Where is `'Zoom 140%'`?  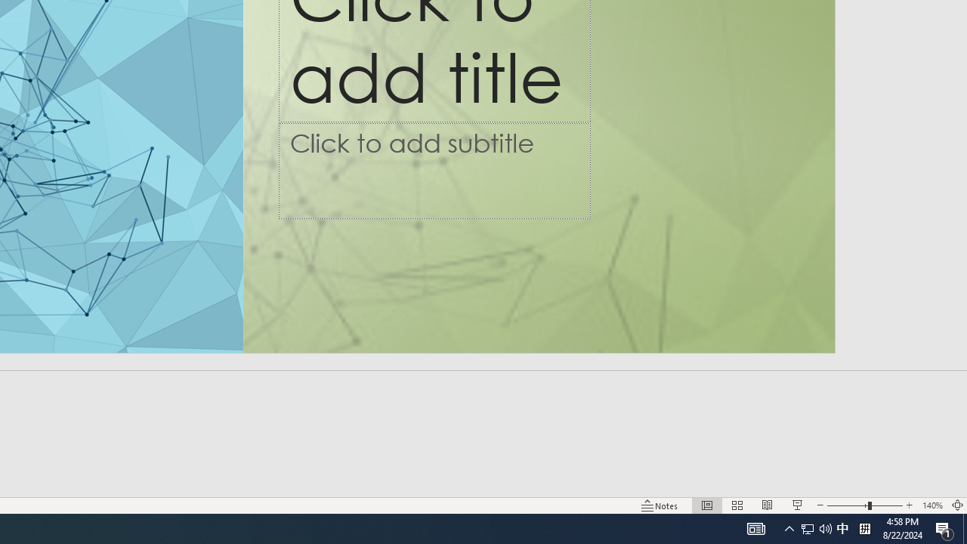
'Zoom 140%' is located at coordinates (931, 505).